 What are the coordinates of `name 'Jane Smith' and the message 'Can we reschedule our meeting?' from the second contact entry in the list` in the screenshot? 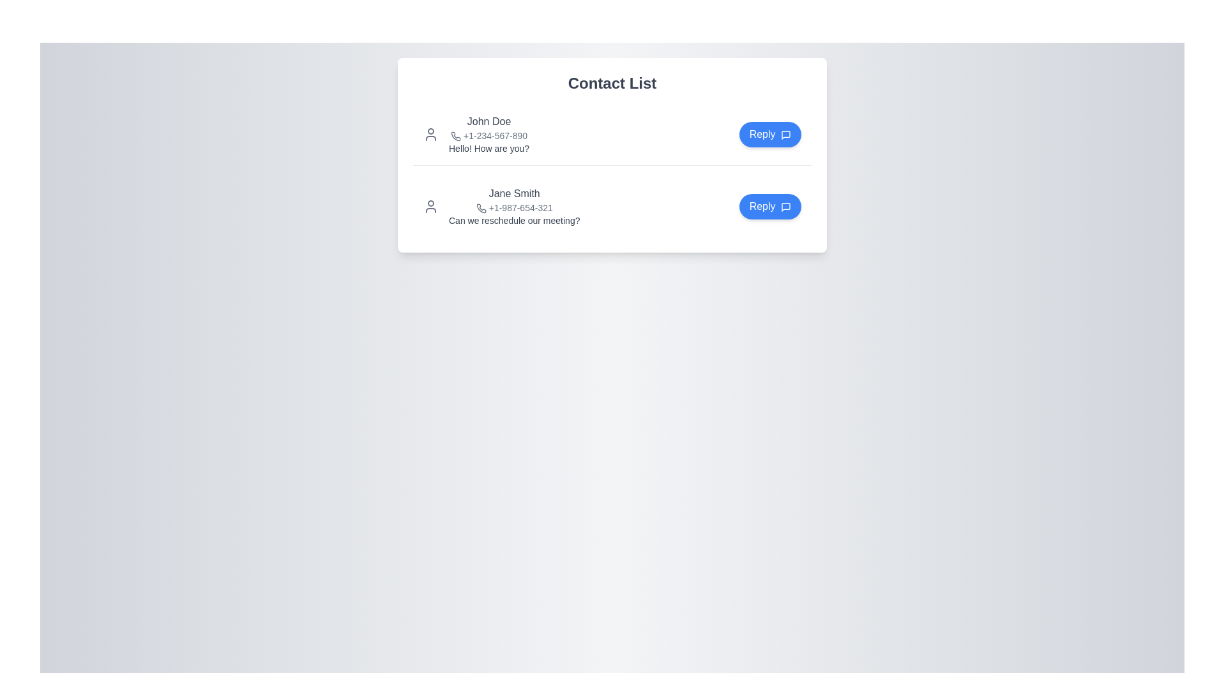 It's located at (501, 206).